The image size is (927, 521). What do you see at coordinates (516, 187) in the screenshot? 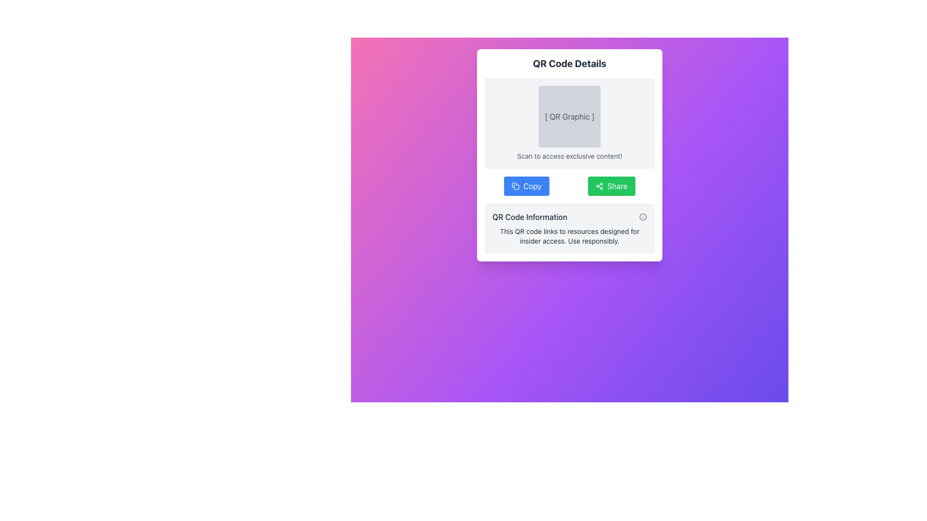
I see `the rectangular shape with rounded corners that is part of a copy function icon, positioned adjacent to the 'Copy' button` at bounding box center [516, 187].